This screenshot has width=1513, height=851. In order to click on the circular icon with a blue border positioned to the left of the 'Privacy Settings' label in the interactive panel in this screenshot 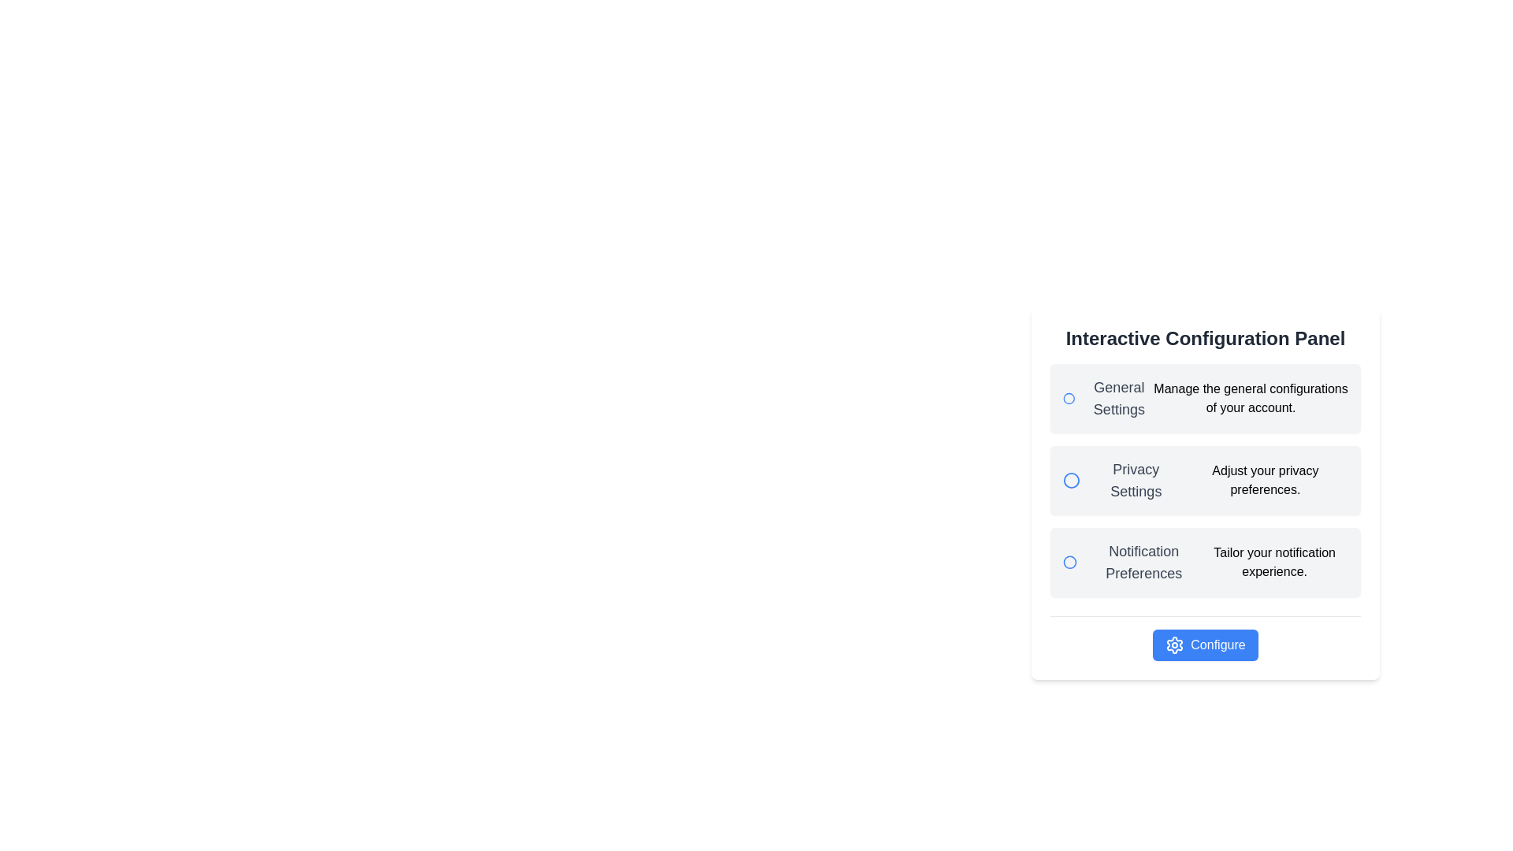, I will do `click(1071, 479)`.